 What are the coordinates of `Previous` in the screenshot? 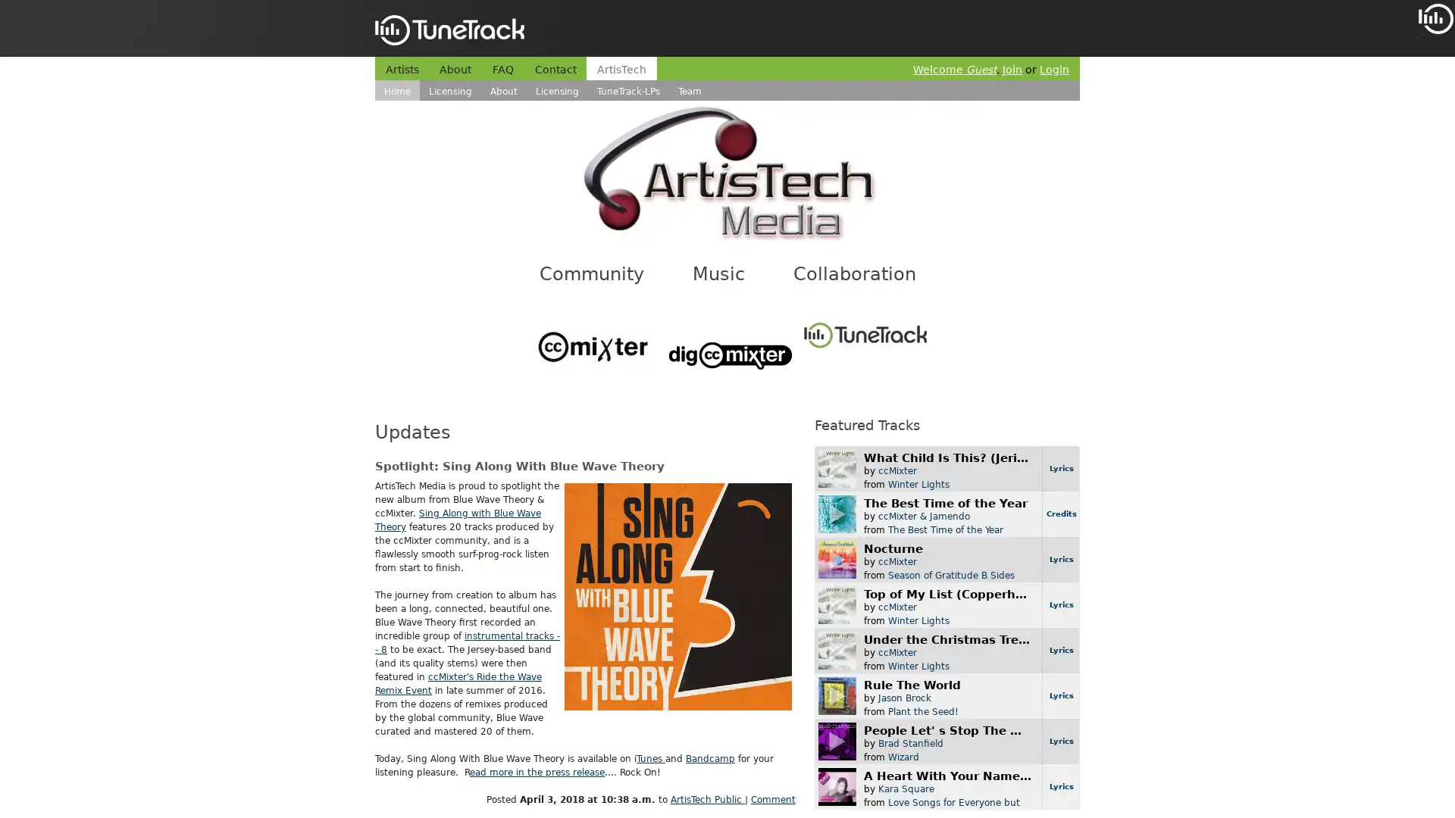 It's located at (1429, 90).